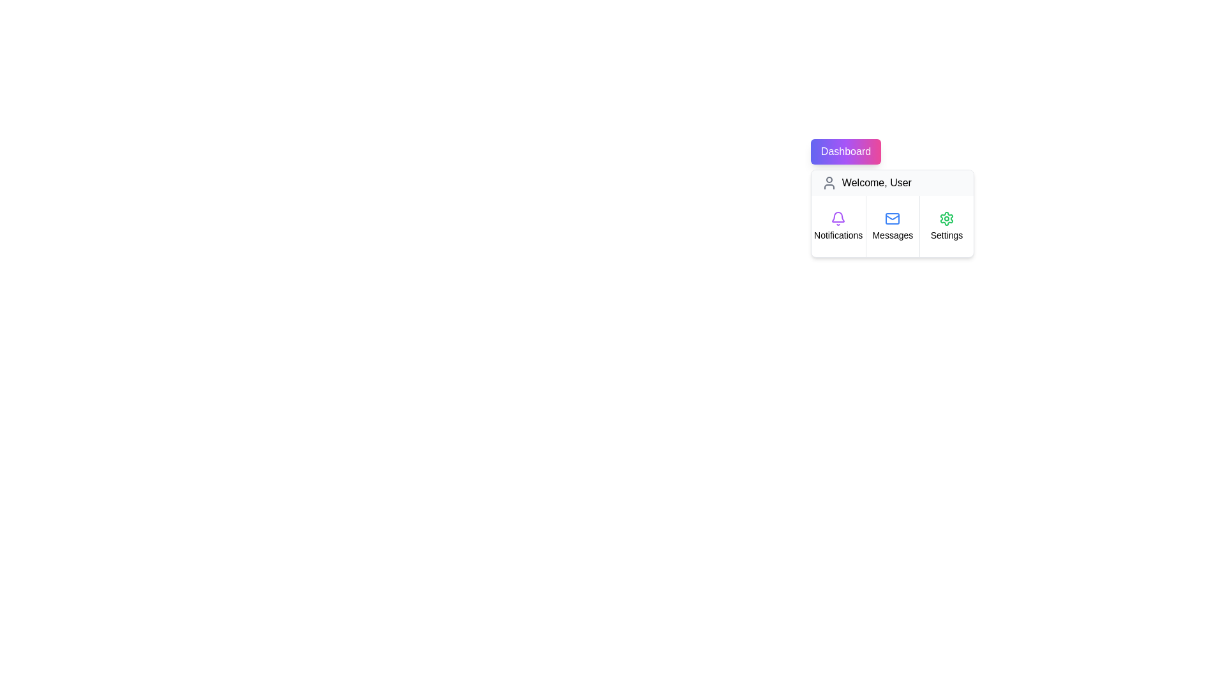  I want to click on the menu item Notifications to observe its hover effect, so click(838, 225).